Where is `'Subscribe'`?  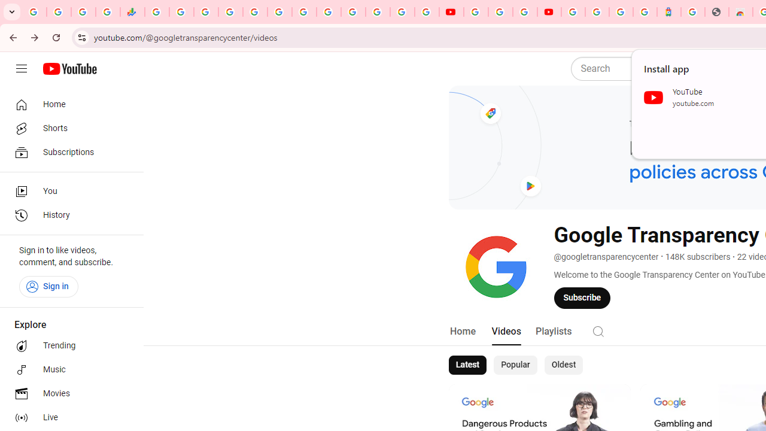
'Subscribe' is located at coordinates (582, 297).